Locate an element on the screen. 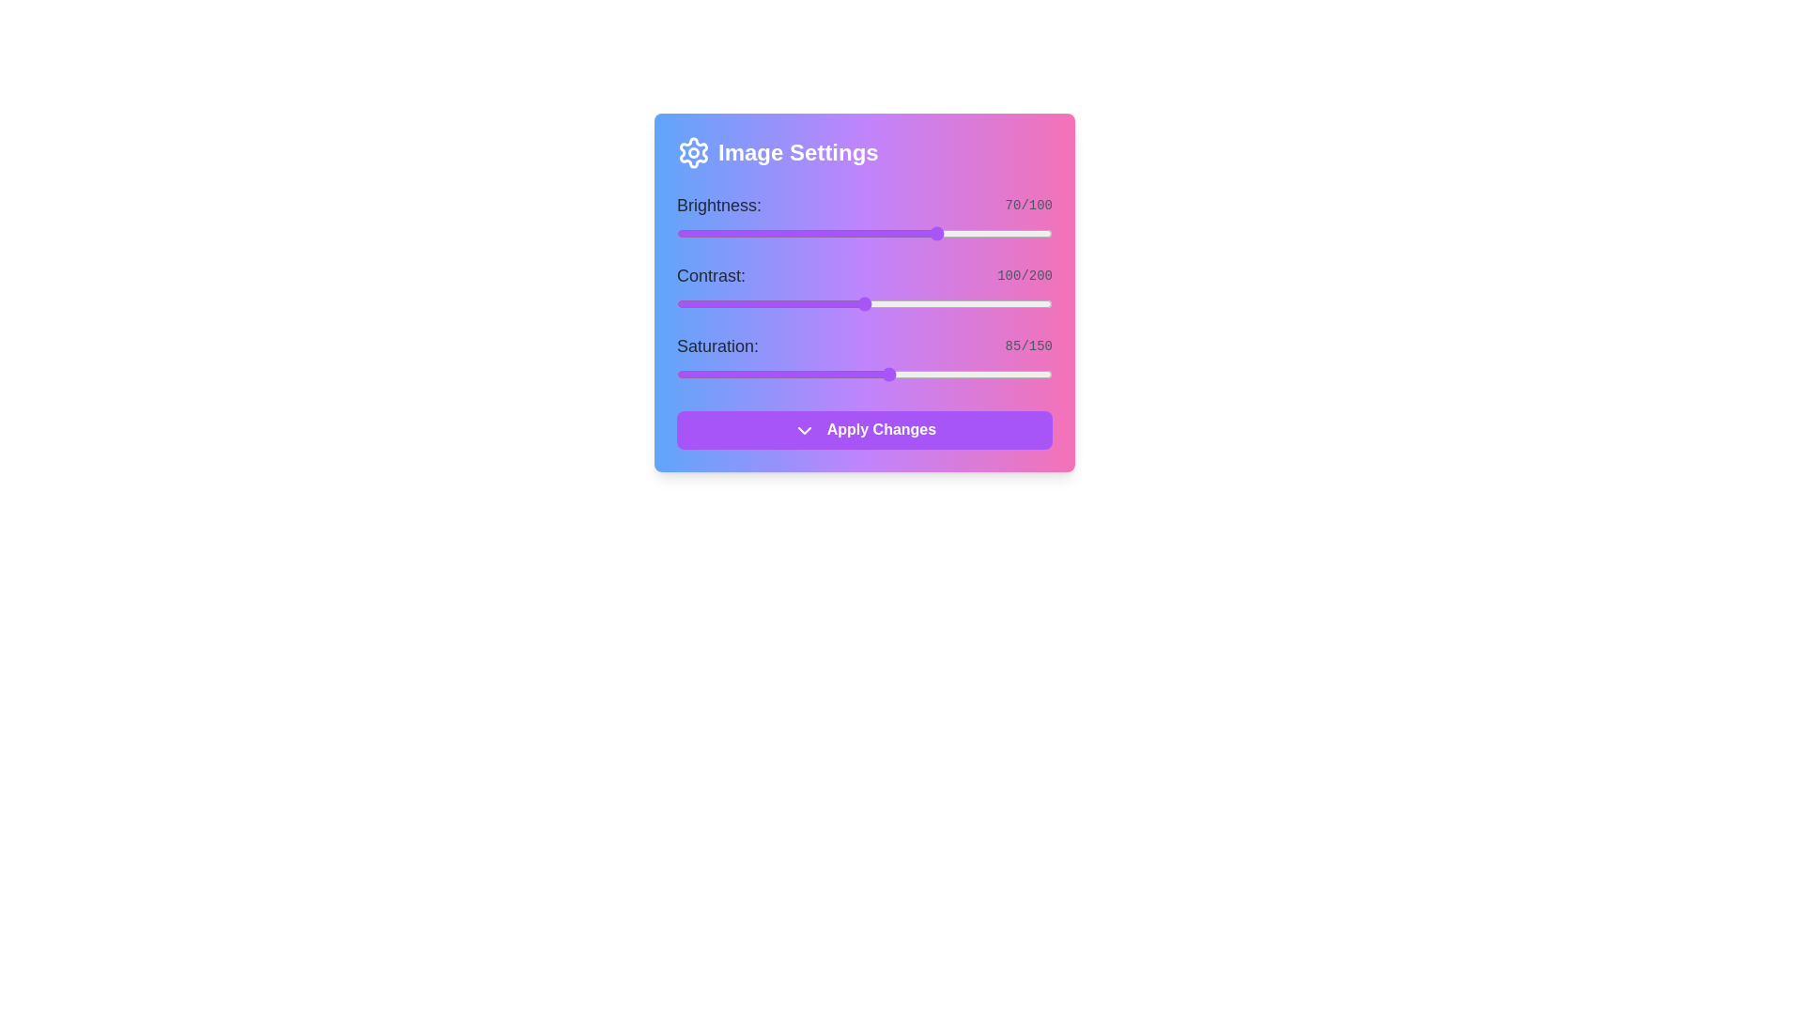  the 'Apply Changes' button to save the adjustments is located at coordinates (864, 430).